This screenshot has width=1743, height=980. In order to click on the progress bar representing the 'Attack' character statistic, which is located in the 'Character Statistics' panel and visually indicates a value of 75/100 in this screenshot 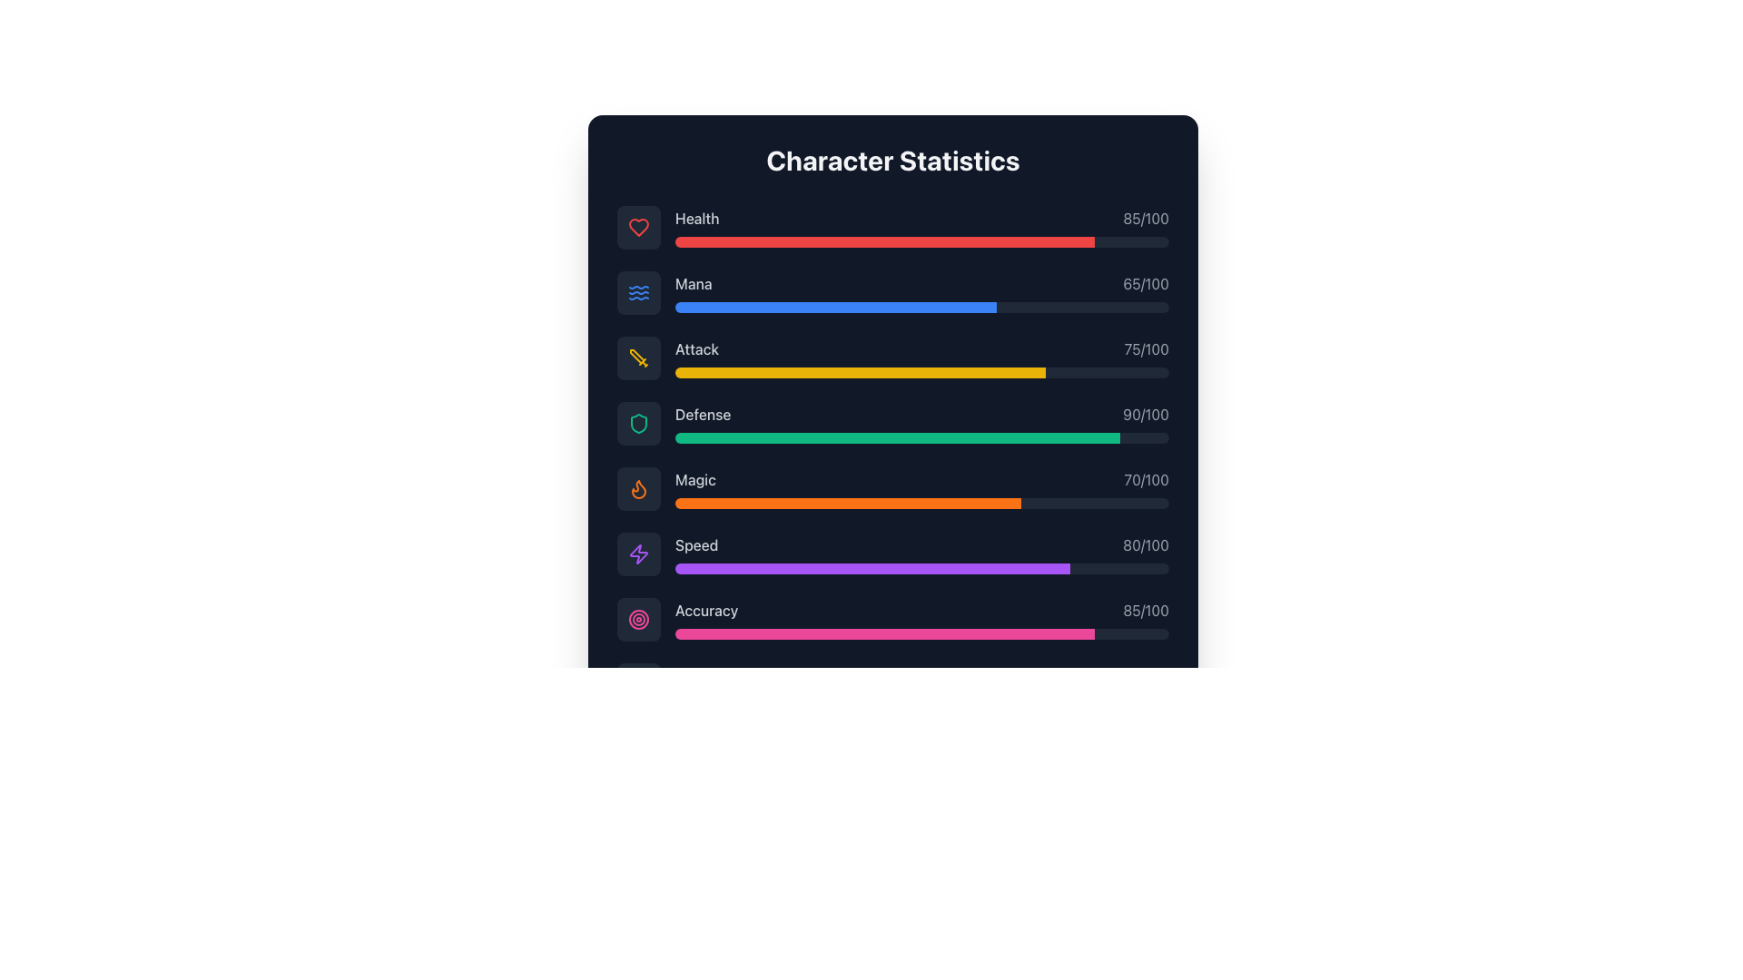, I will do `click(860, 372)`.